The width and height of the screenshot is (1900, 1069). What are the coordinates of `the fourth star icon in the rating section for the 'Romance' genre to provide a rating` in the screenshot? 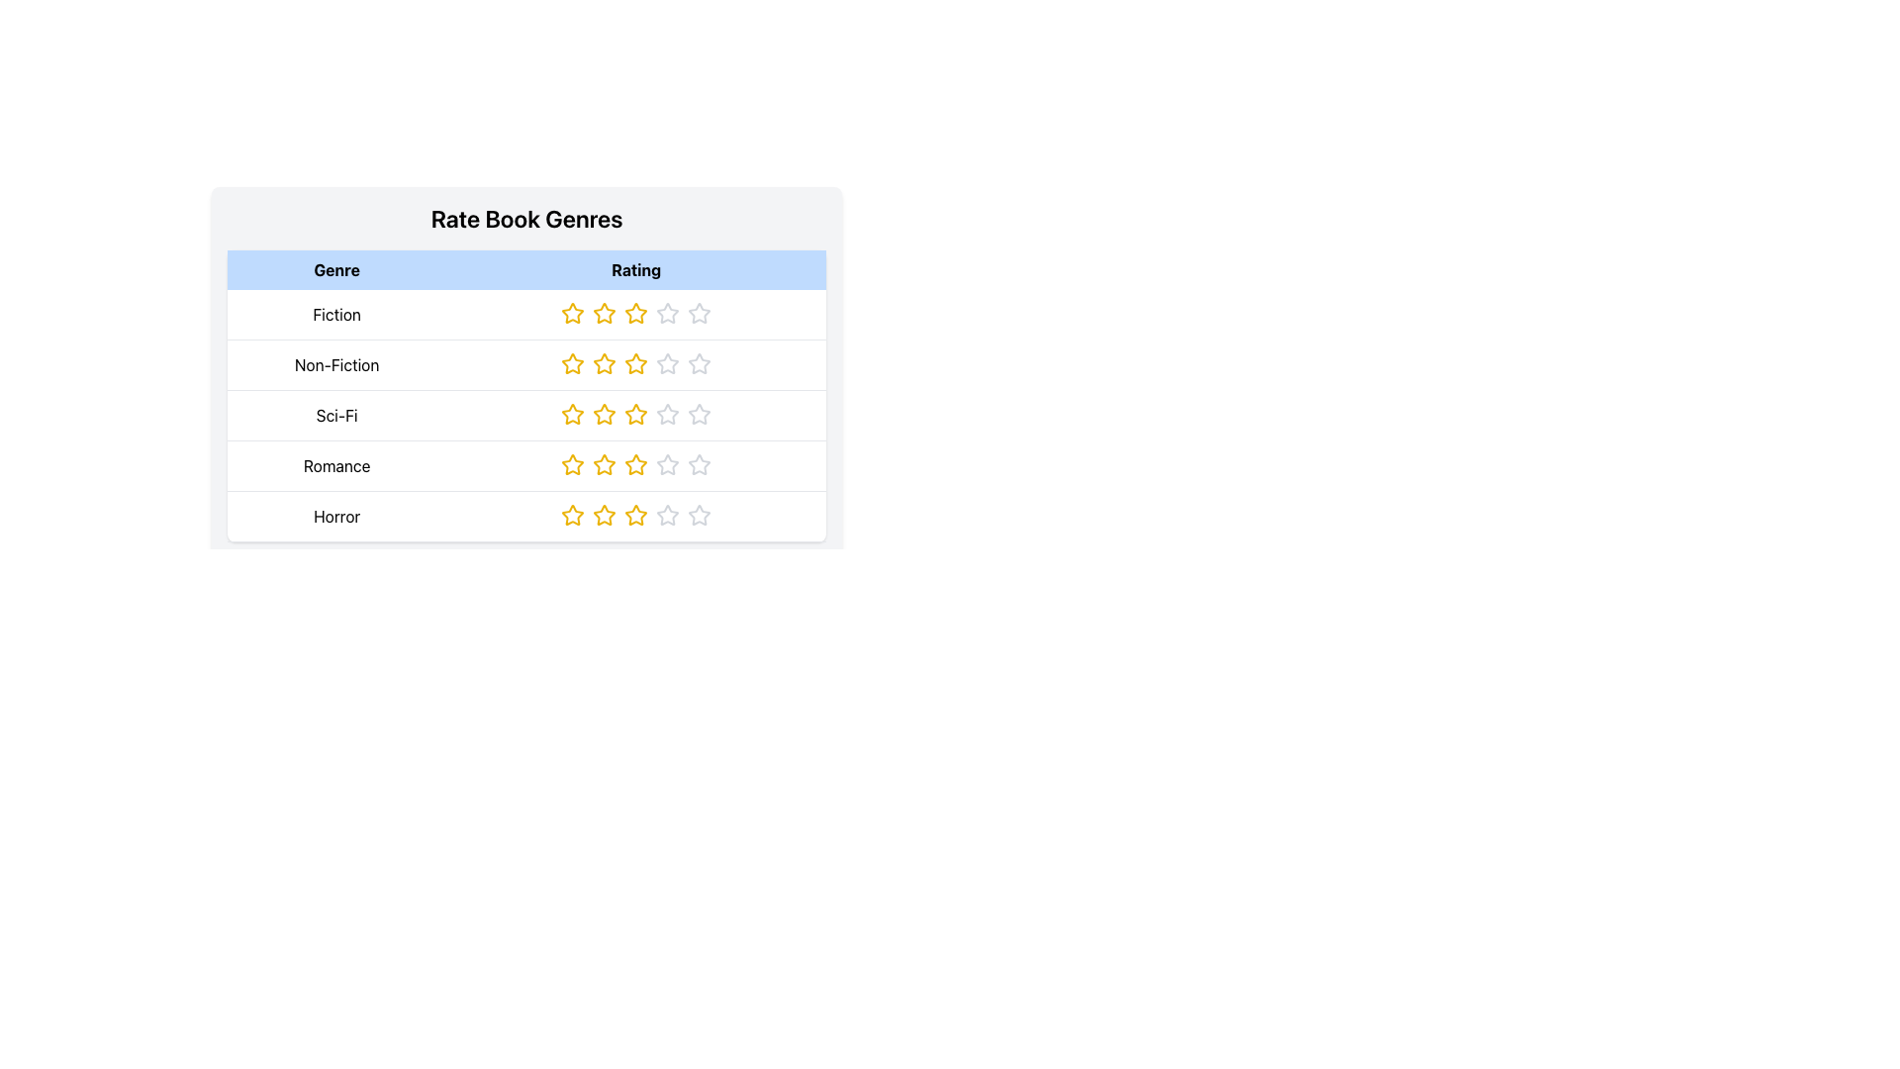 It's located at (668, 464).